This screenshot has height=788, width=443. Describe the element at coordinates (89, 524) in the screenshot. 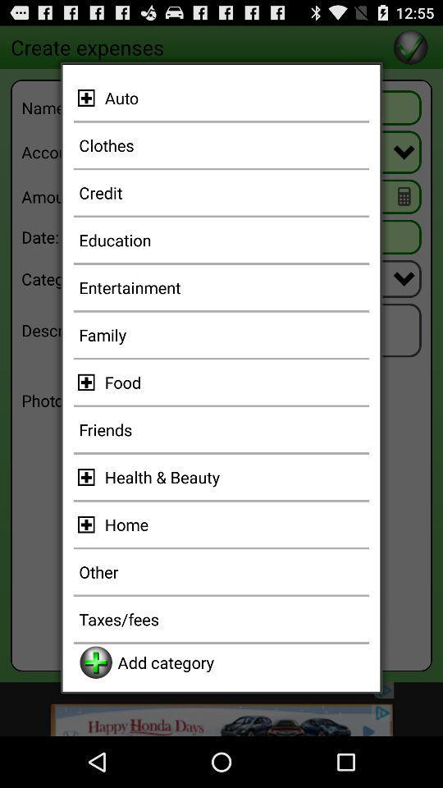

I see `explore home option` at that location.